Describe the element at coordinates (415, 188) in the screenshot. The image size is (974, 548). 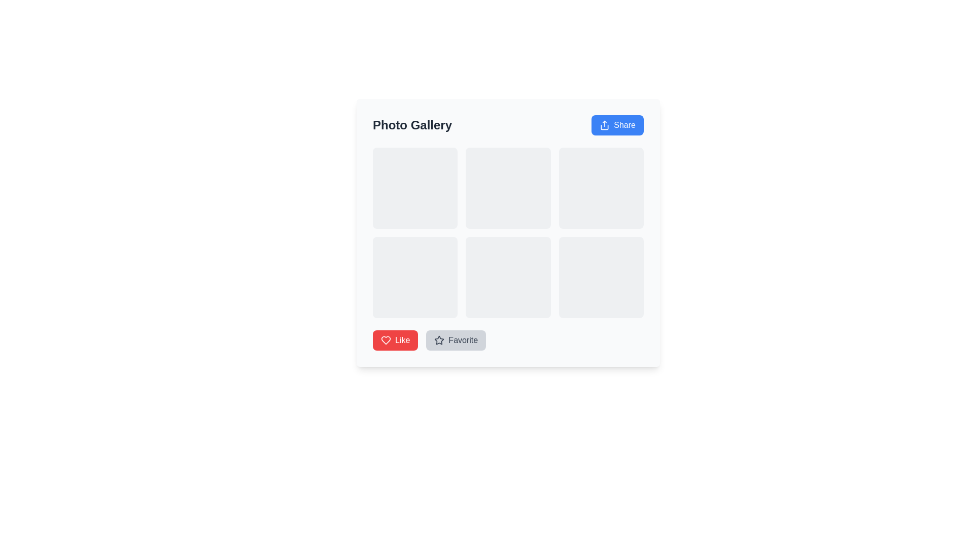
I see `the loading placeholder in the top-left corner of the 'Photo Gallery' section, which represents a loading or empty state for a grid item` at that location.